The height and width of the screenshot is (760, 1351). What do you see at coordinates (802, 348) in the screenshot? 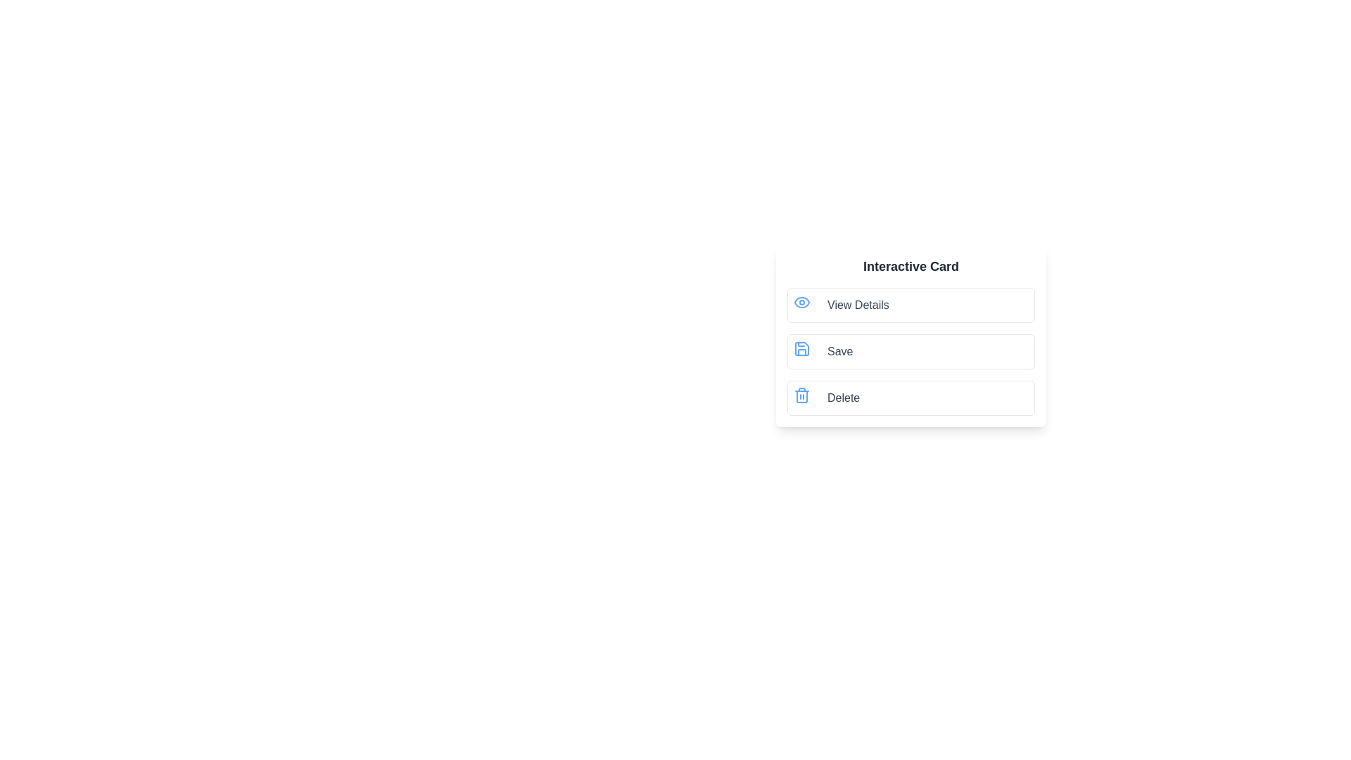
I see `the save icon located in the second position of a vertical list within the 'Interactive Card'` at bounding box center [802, 348].